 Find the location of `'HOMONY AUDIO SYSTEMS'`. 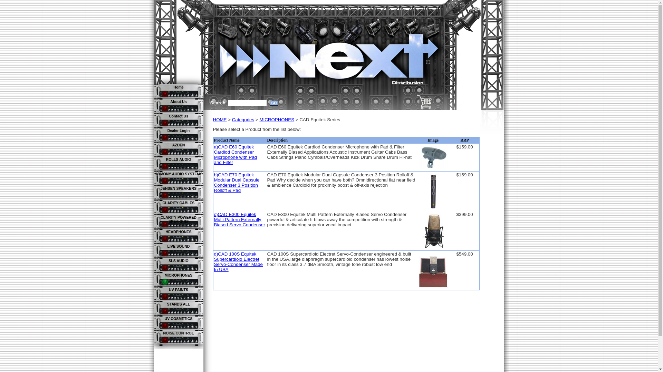

'HOMONY AUDIO SYSTEMS' is located at coordinates (179, 174).